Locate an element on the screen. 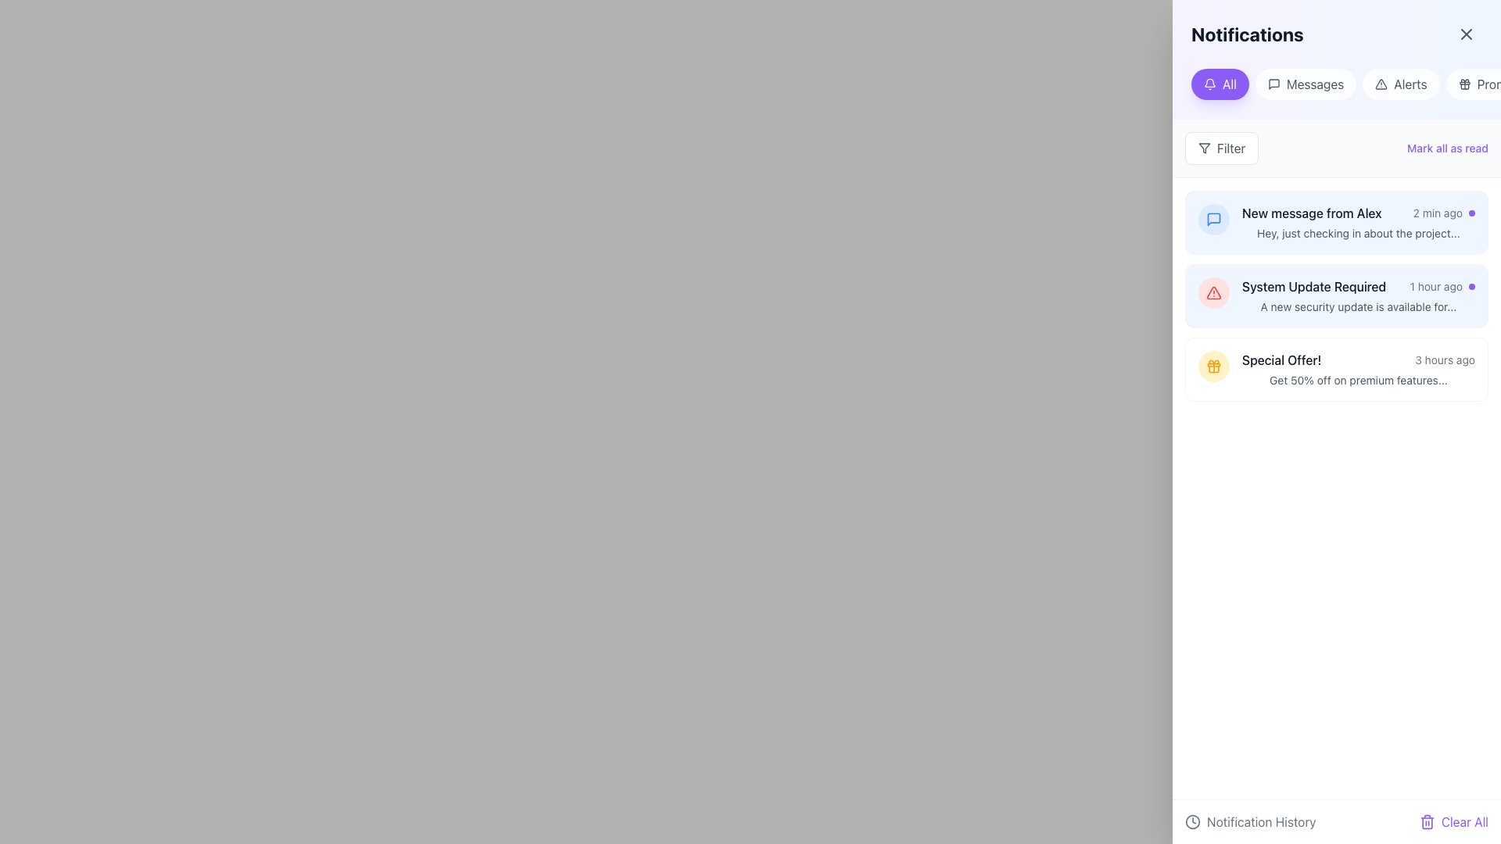 The image size is (1501, 844). the pin button located to the right of the 'System Update Required' notification entry is located at coordinates (1431, 295).